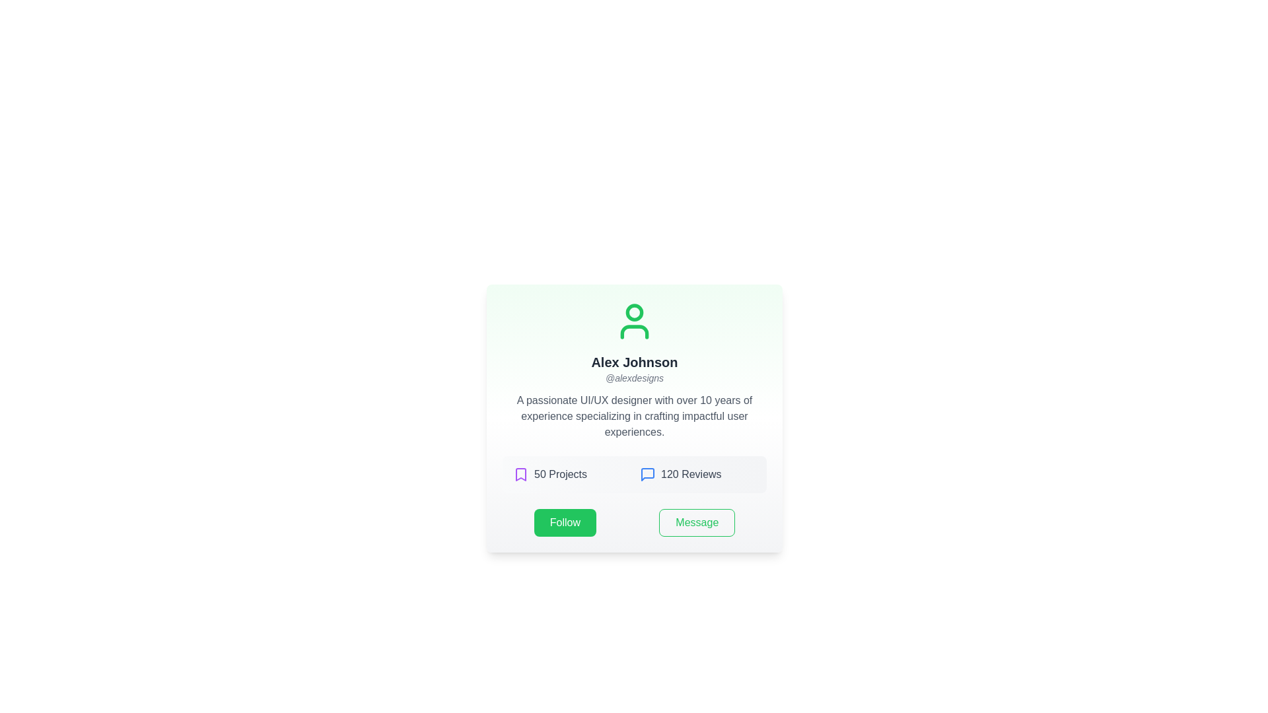 This screenshot has height=713, width=1268. Describe the element at coordinates (561, 473) in the screenshot. I see `descriptive text label indicating the number of projects associated with the profile, located at the center-bottom section of the card, next to a bookmark icon and before '120 Reviews'` at that location.